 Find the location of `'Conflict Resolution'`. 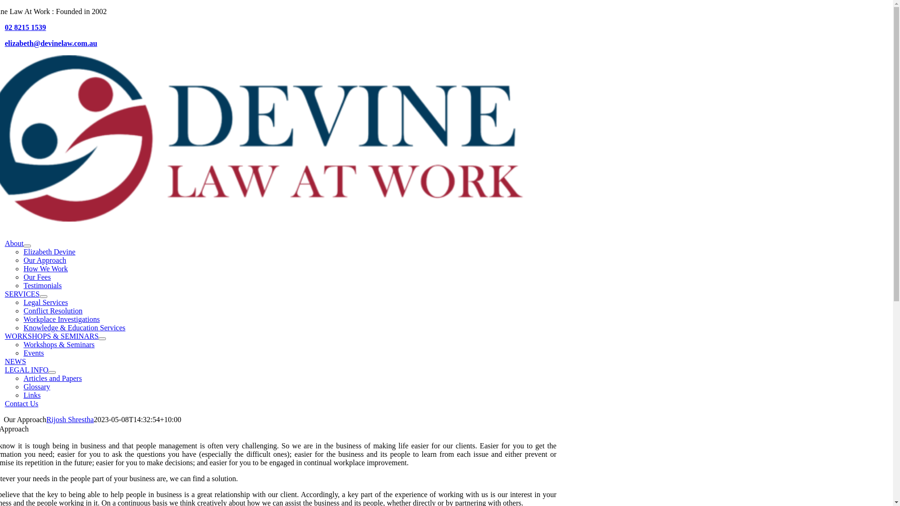

'Conflict Resolution' is located at coordinates (52, 311).